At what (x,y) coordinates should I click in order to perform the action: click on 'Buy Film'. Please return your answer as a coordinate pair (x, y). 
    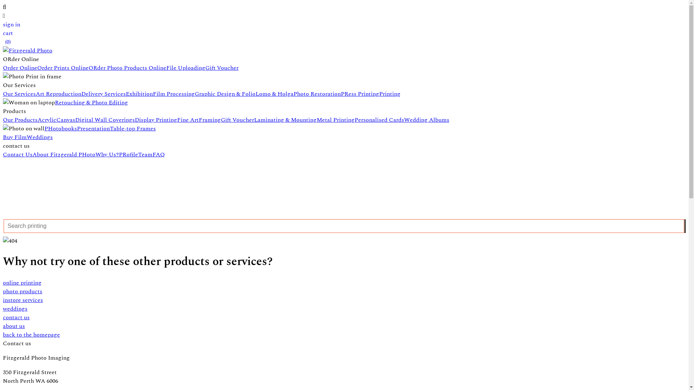
    Looking at the image, I should click on (15, 137).